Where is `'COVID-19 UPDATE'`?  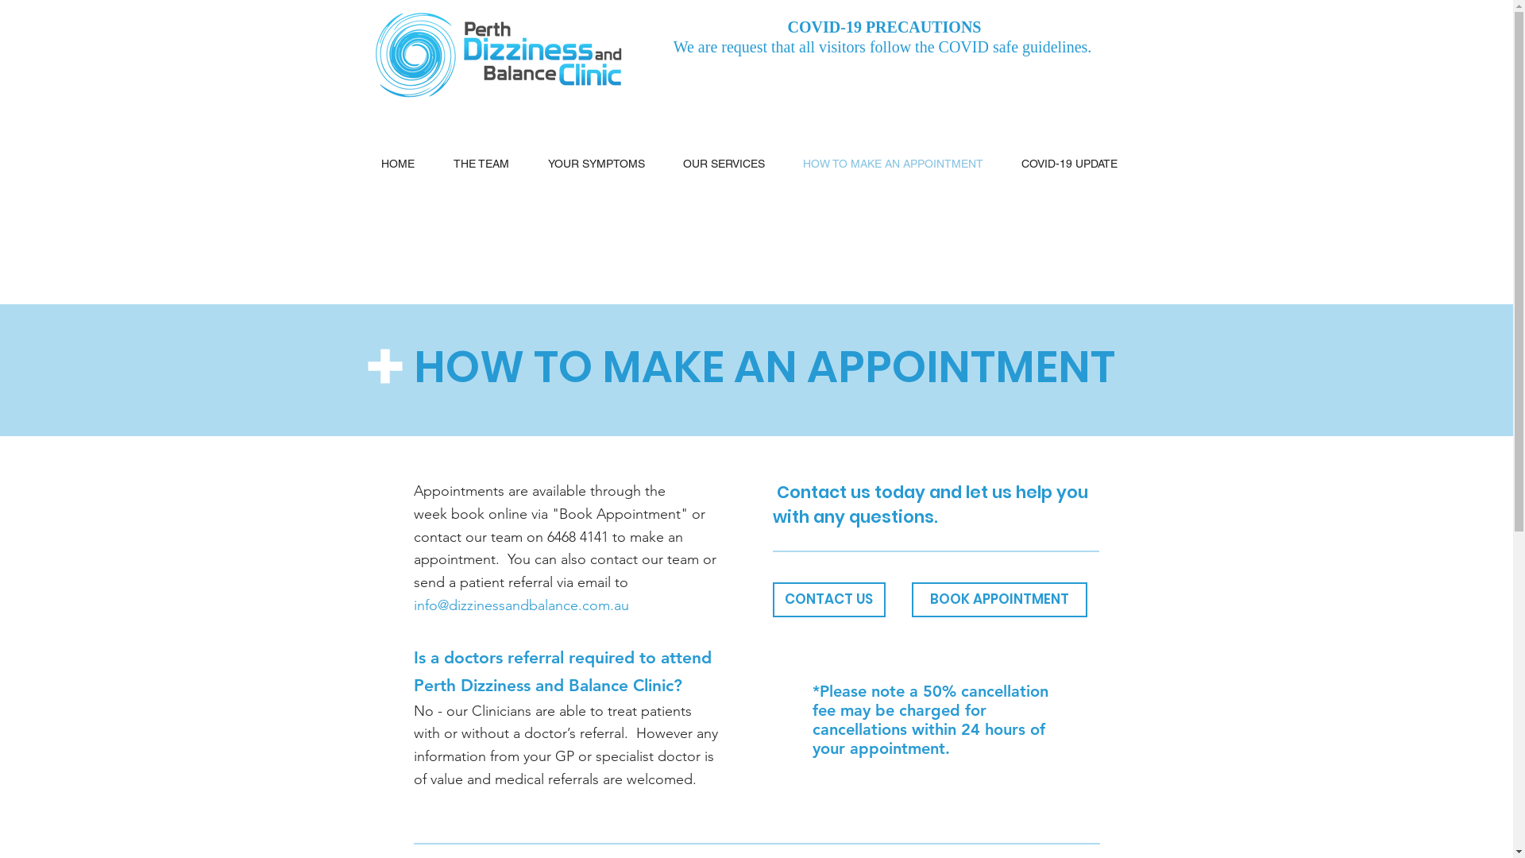
'COVID-19 UPDATE' is located at coordinates (1075, 163).